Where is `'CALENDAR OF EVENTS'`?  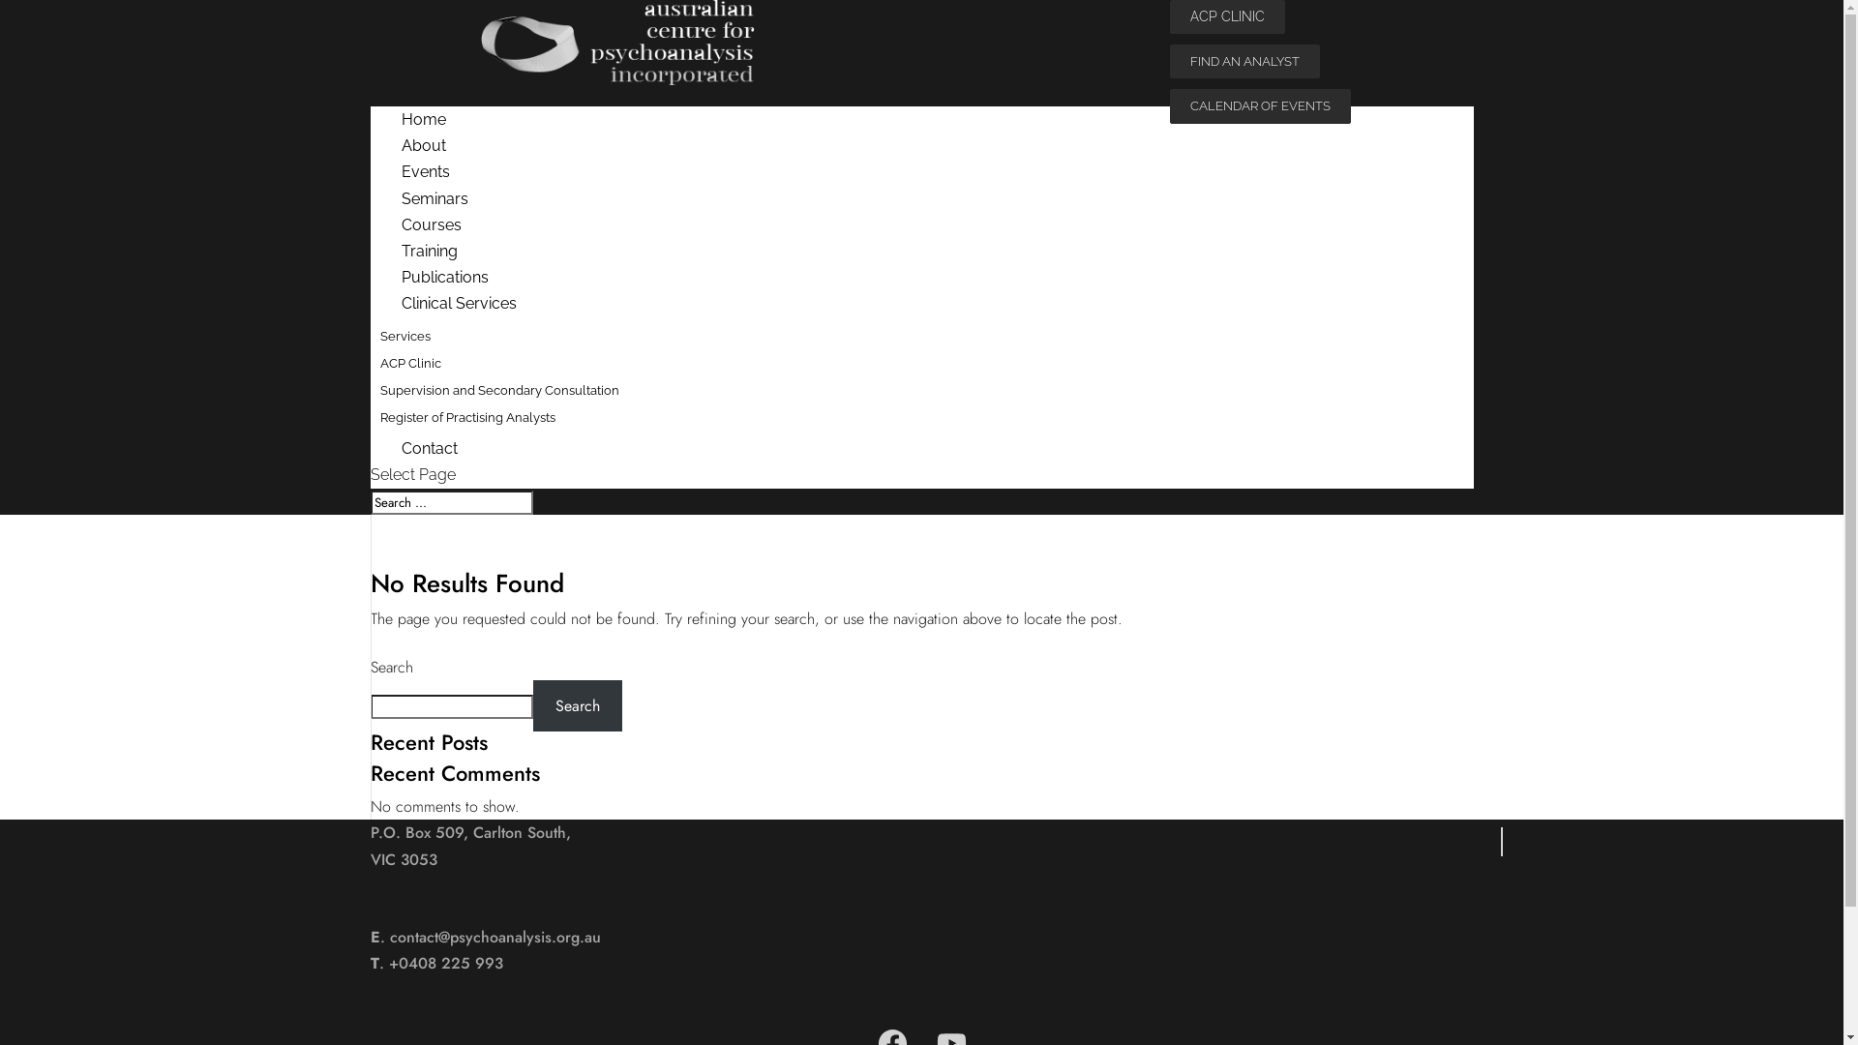
'CALENDAR OF EVENTS' is located at coordinates (1259, 105).